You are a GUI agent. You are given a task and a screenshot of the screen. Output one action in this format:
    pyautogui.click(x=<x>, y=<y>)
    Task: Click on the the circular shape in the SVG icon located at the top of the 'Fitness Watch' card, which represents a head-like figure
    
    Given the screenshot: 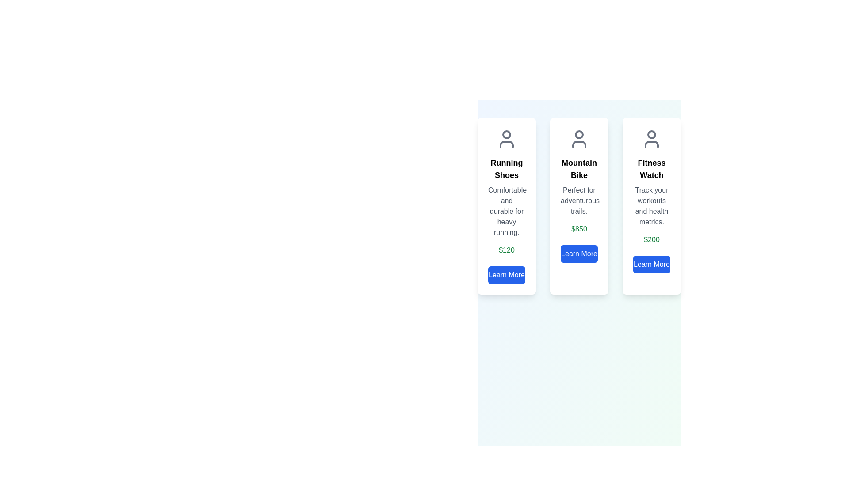 What is the action you would take?
    pyautogui.click(x=651, y=134)
    